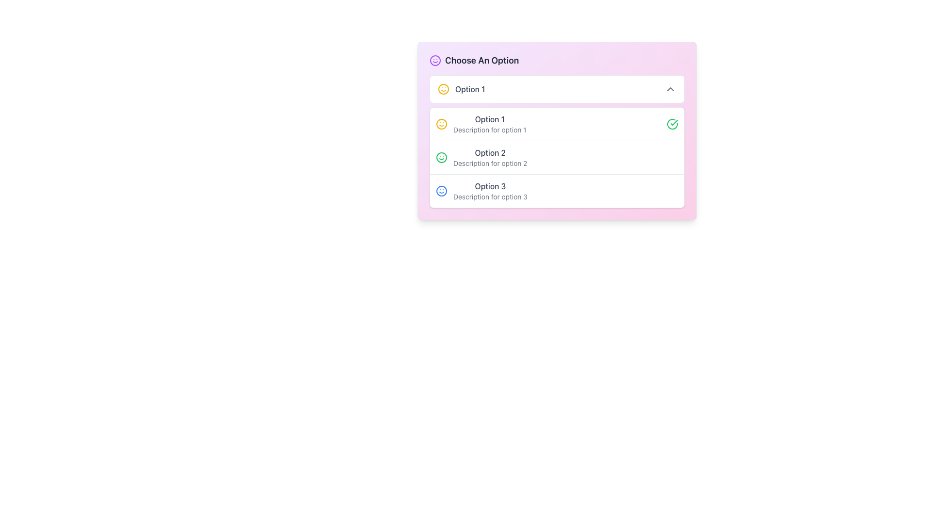  I want to click on the first selectable option titled 'Option 1' with the description 'Description for option 1', so click(489, 123).